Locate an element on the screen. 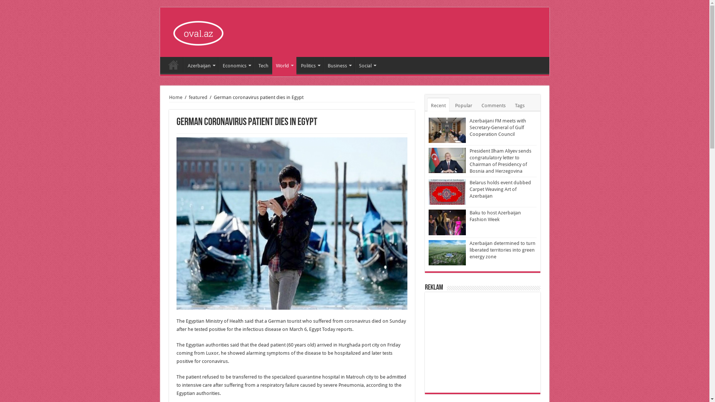 The image size is (715, 402). 'Azerbaijan' is located at coordinates (184, 64).